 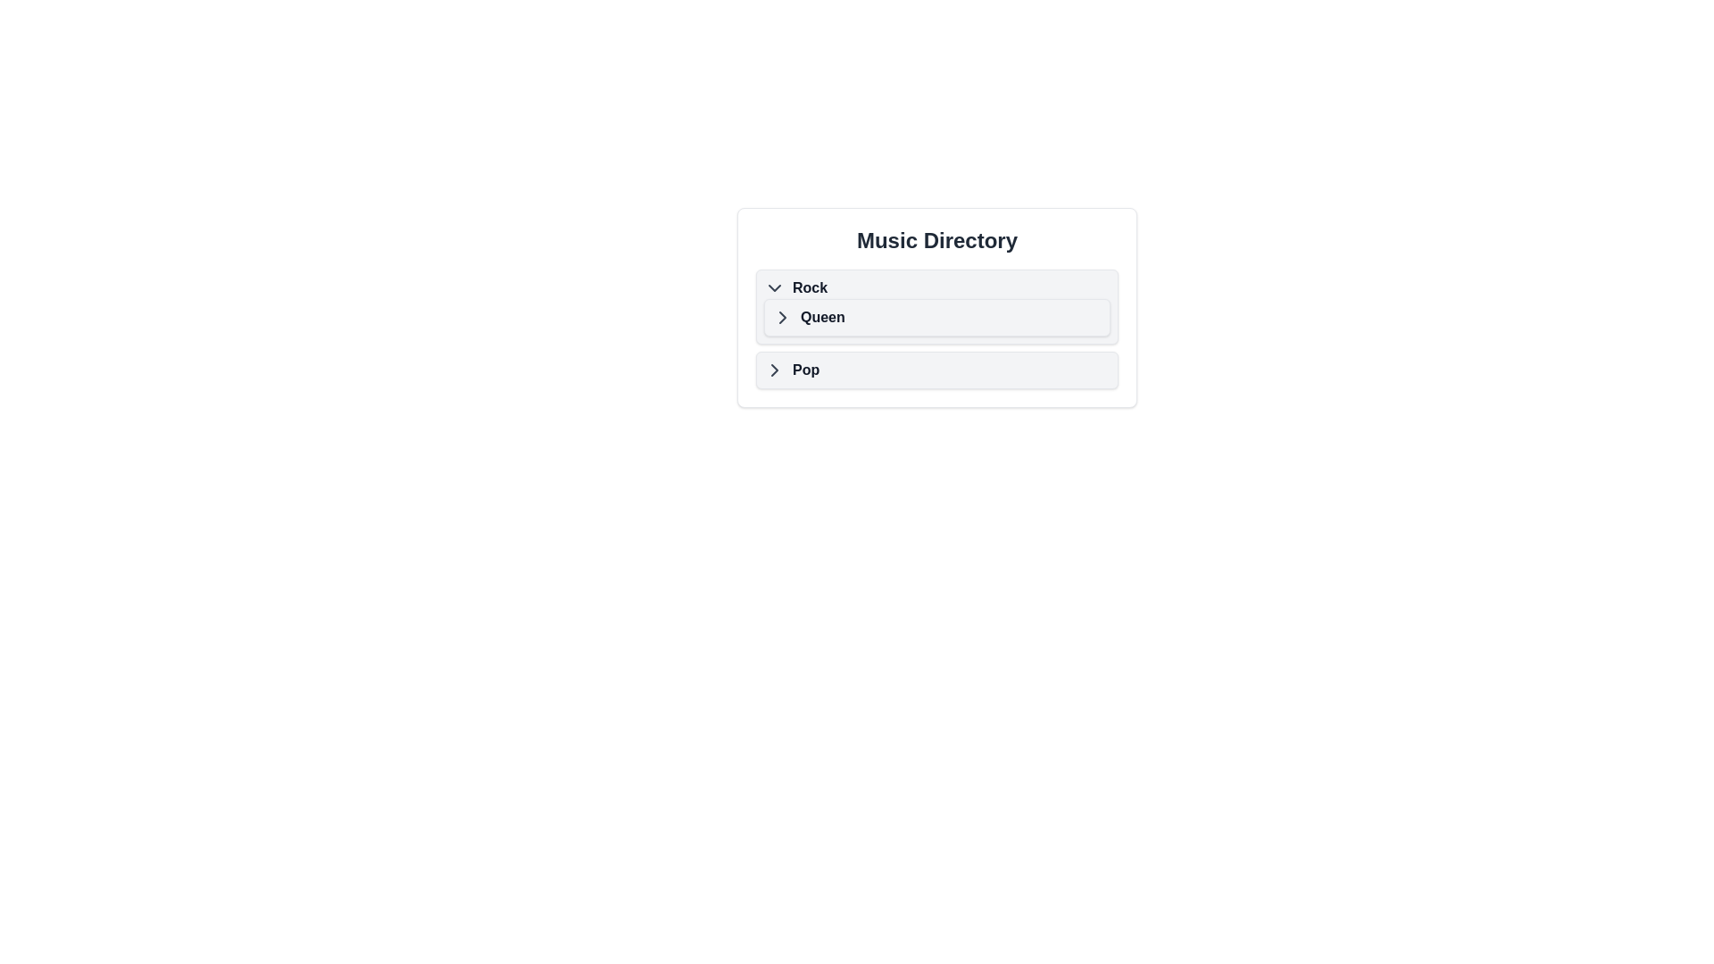 I want to click on the rightward-facing chevron arrow icon within the 'Pop' expandable list item in the 'Music Directory' card component, so click(x=775, y=370).